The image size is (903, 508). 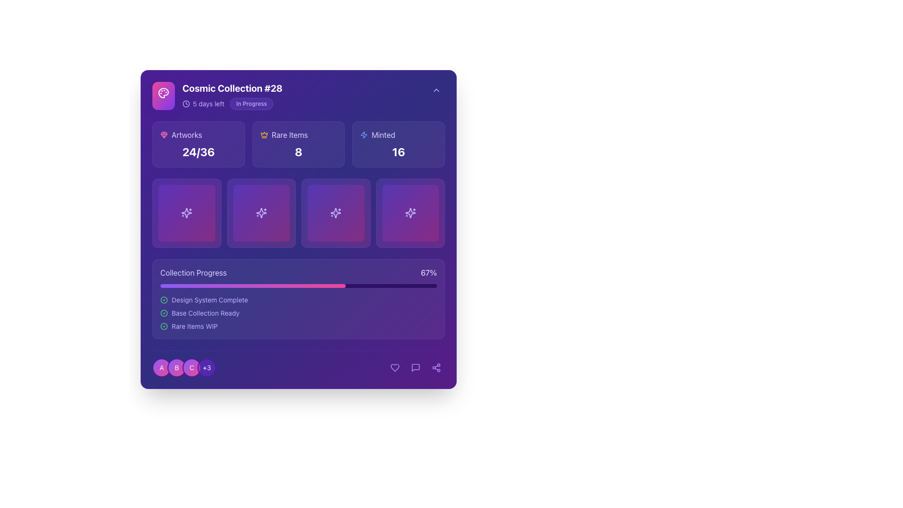 I want to click on the decorative icon located to the left of the '5 days left' label, which conveys temporal information, so click(x=186, y=103).